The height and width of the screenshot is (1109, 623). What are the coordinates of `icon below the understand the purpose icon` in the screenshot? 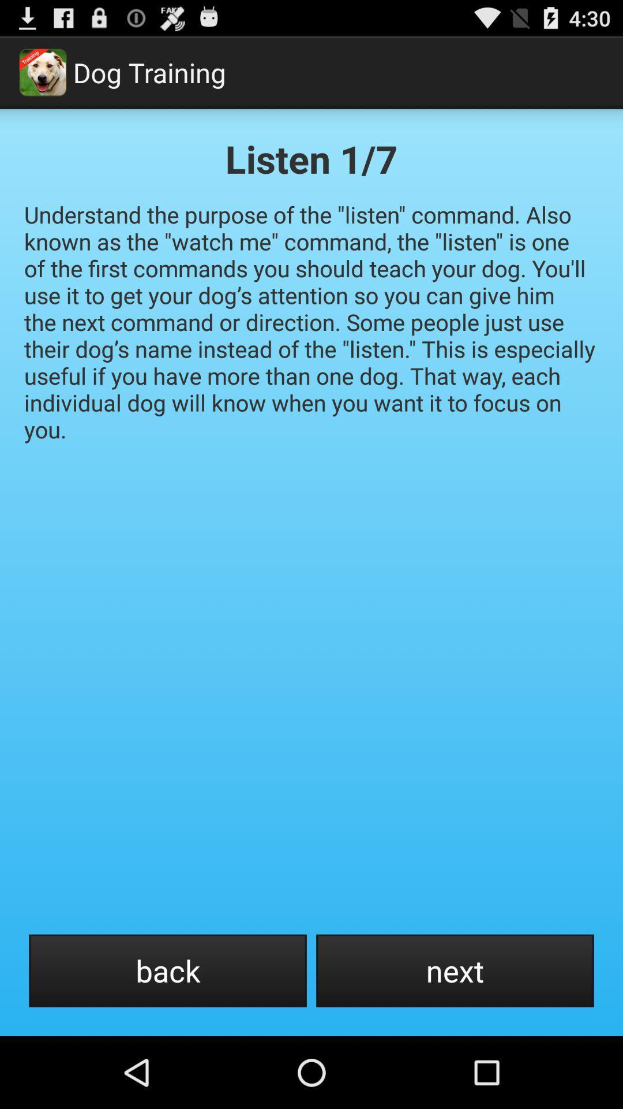 It's located at (167, 970).